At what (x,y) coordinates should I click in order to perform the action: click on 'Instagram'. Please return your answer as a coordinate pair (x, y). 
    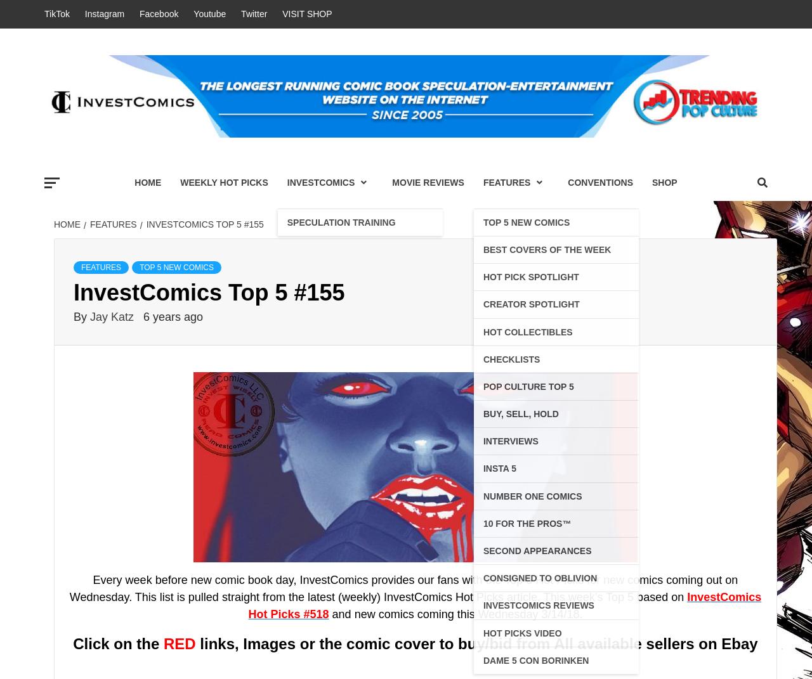
    Looking at the image, I should click on (104, 13).